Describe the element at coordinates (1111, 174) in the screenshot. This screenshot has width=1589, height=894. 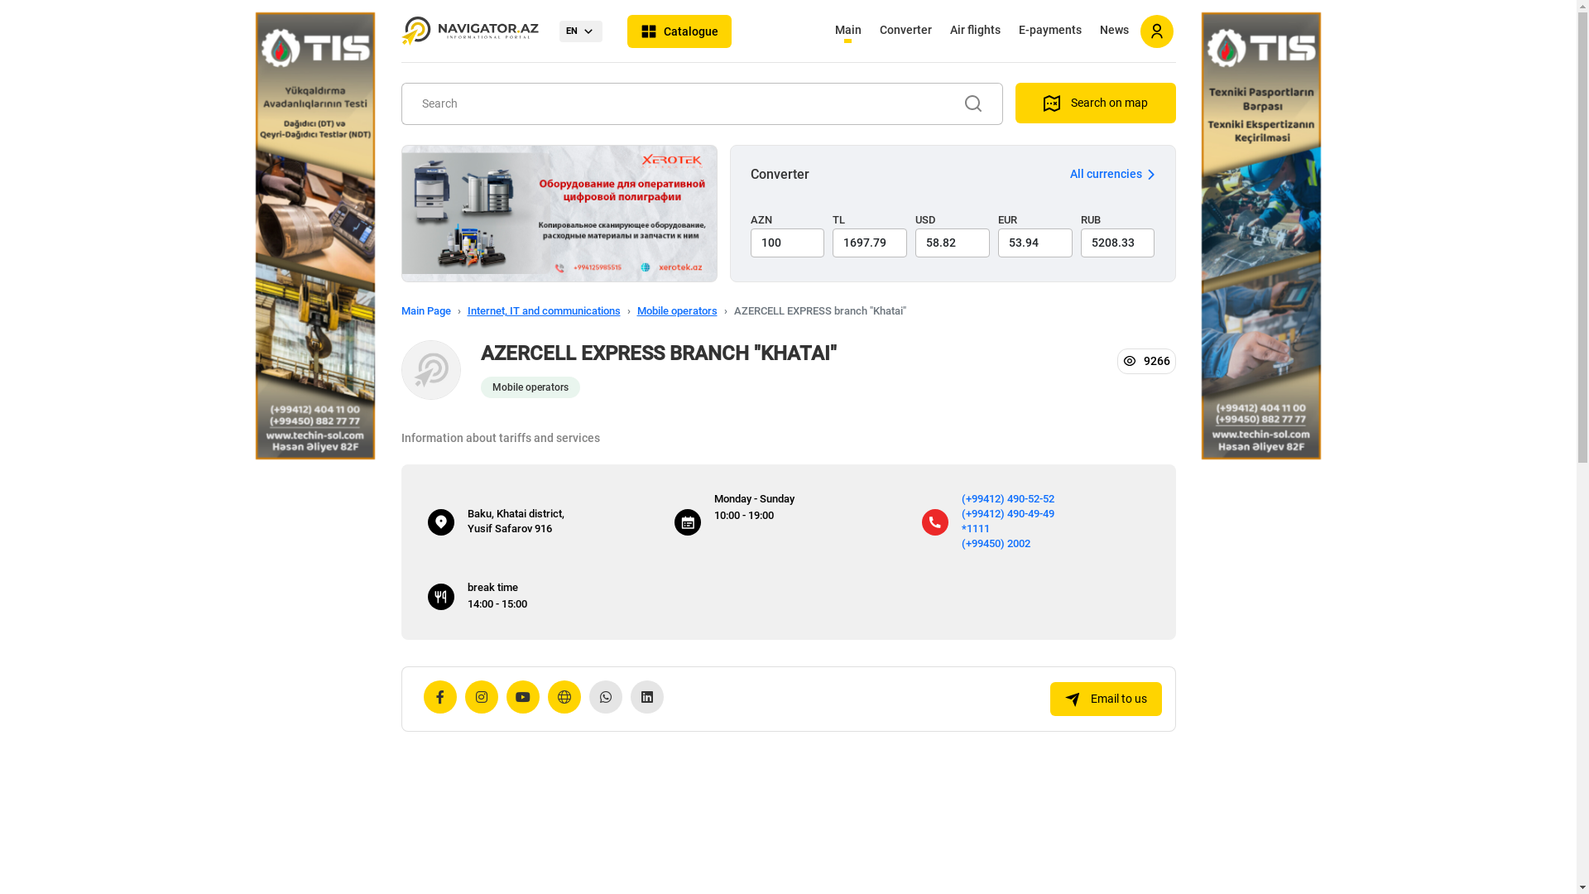
I see `'All currencies'` at that location.